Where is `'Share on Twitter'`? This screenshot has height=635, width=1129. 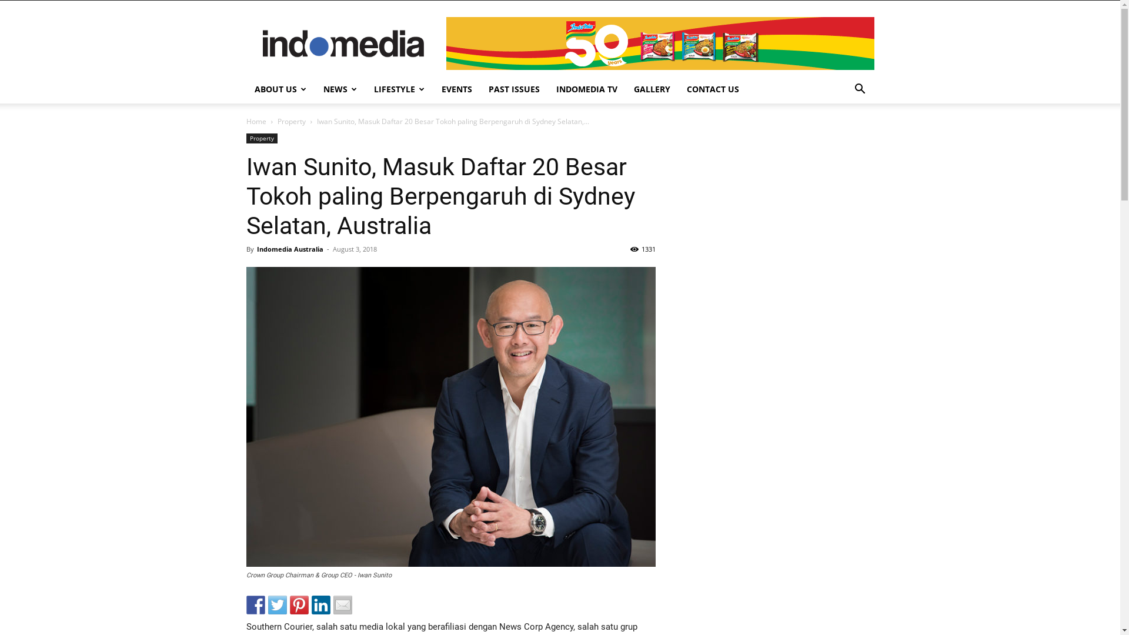
'Share on Twitter' is located at coordinates (276, 605).